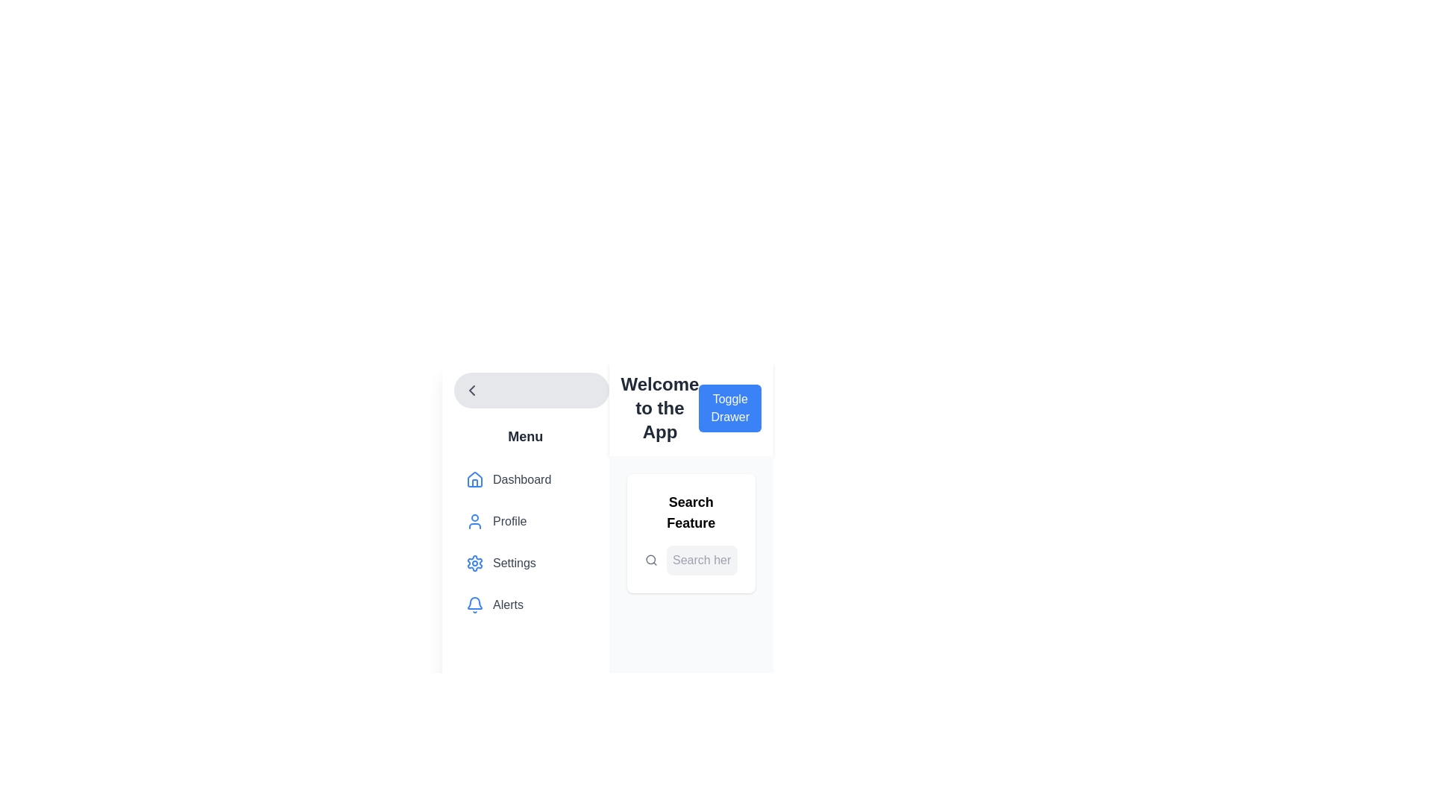 This screenshot has width=1432, height=805. I want to click on the blue gear-like icon representing the settings cogwheel, located near the 'Menu' section, so click(474, 563).